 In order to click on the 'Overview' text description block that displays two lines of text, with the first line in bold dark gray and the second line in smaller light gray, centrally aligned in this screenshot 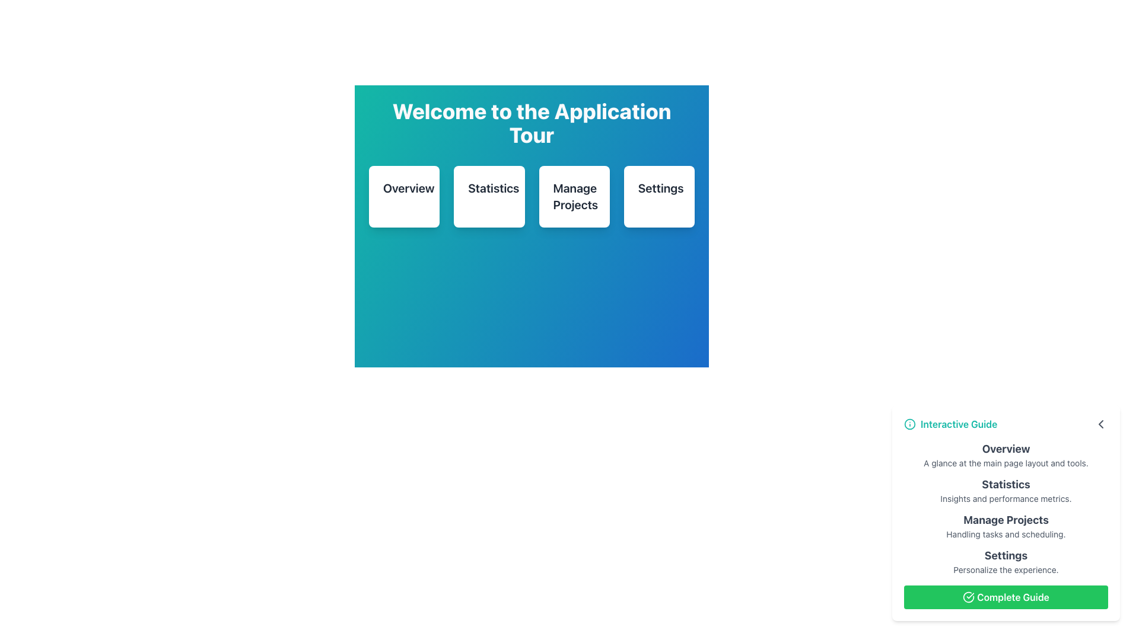, I will do `click(1005, 454)`.